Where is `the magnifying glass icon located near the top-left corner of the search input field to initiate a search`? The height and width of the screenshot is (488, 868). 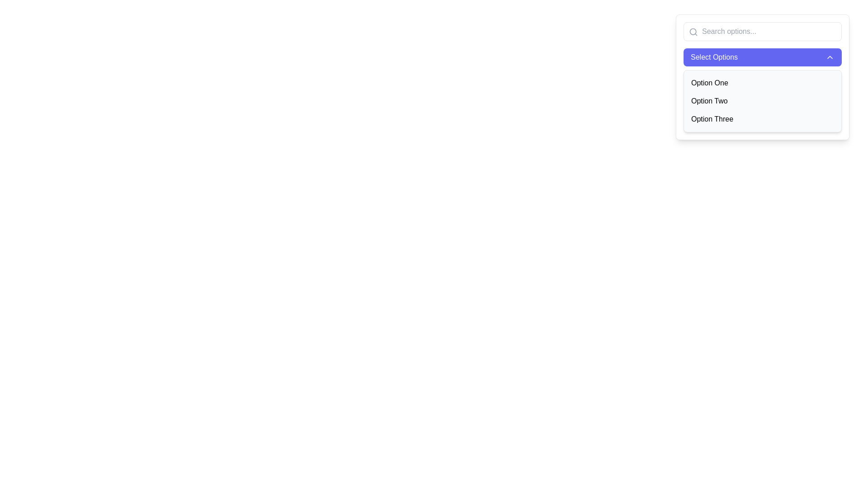
the magnifying glass icon located near the top-left corner of the search input field to initiate a search is located at coordinates (693, 31).